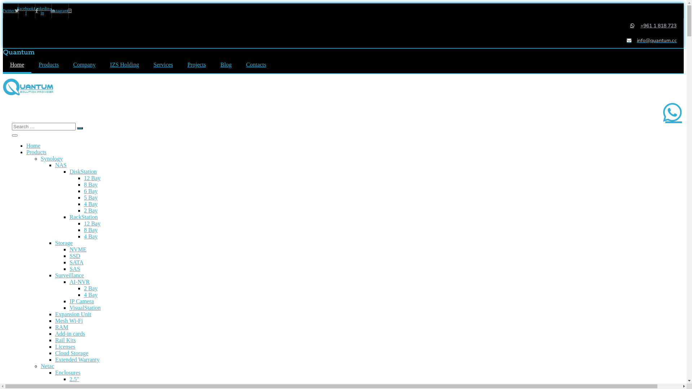  I want to click on 'Projects', so click(197, 65).